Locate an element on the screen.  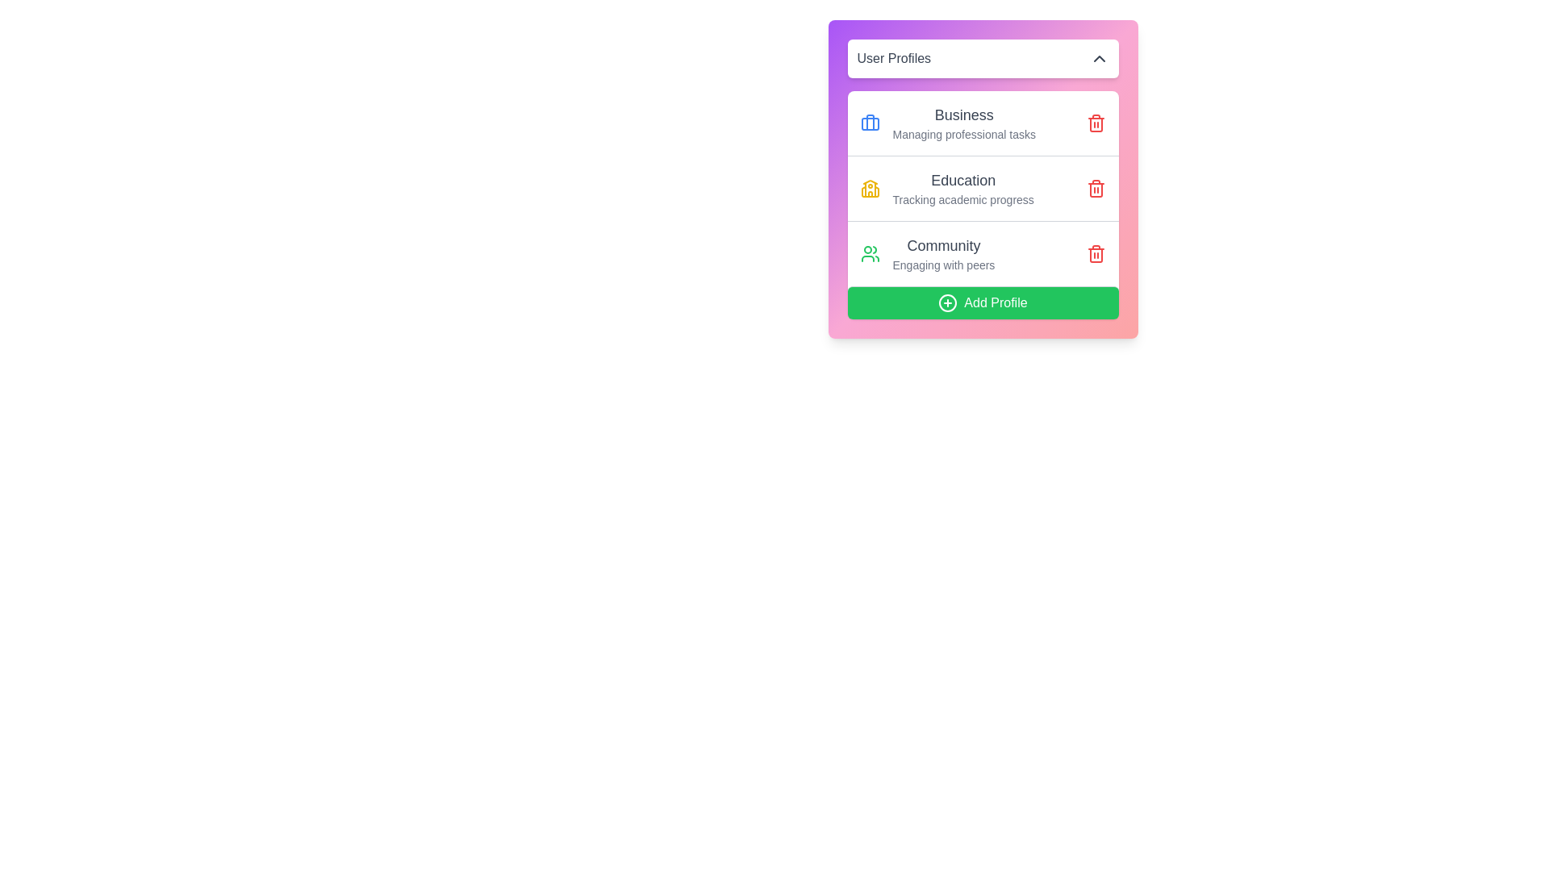
the red trash can icon is located at coordinates (1096, 188).